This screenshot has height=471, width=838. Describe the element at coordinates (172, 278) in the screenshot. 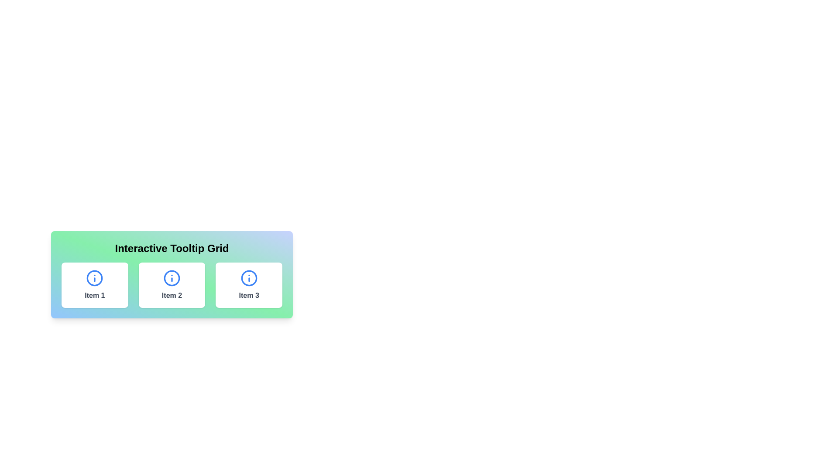

I see `the information or tooltip indicator icon centered within the 'Item 2' card` at that location.